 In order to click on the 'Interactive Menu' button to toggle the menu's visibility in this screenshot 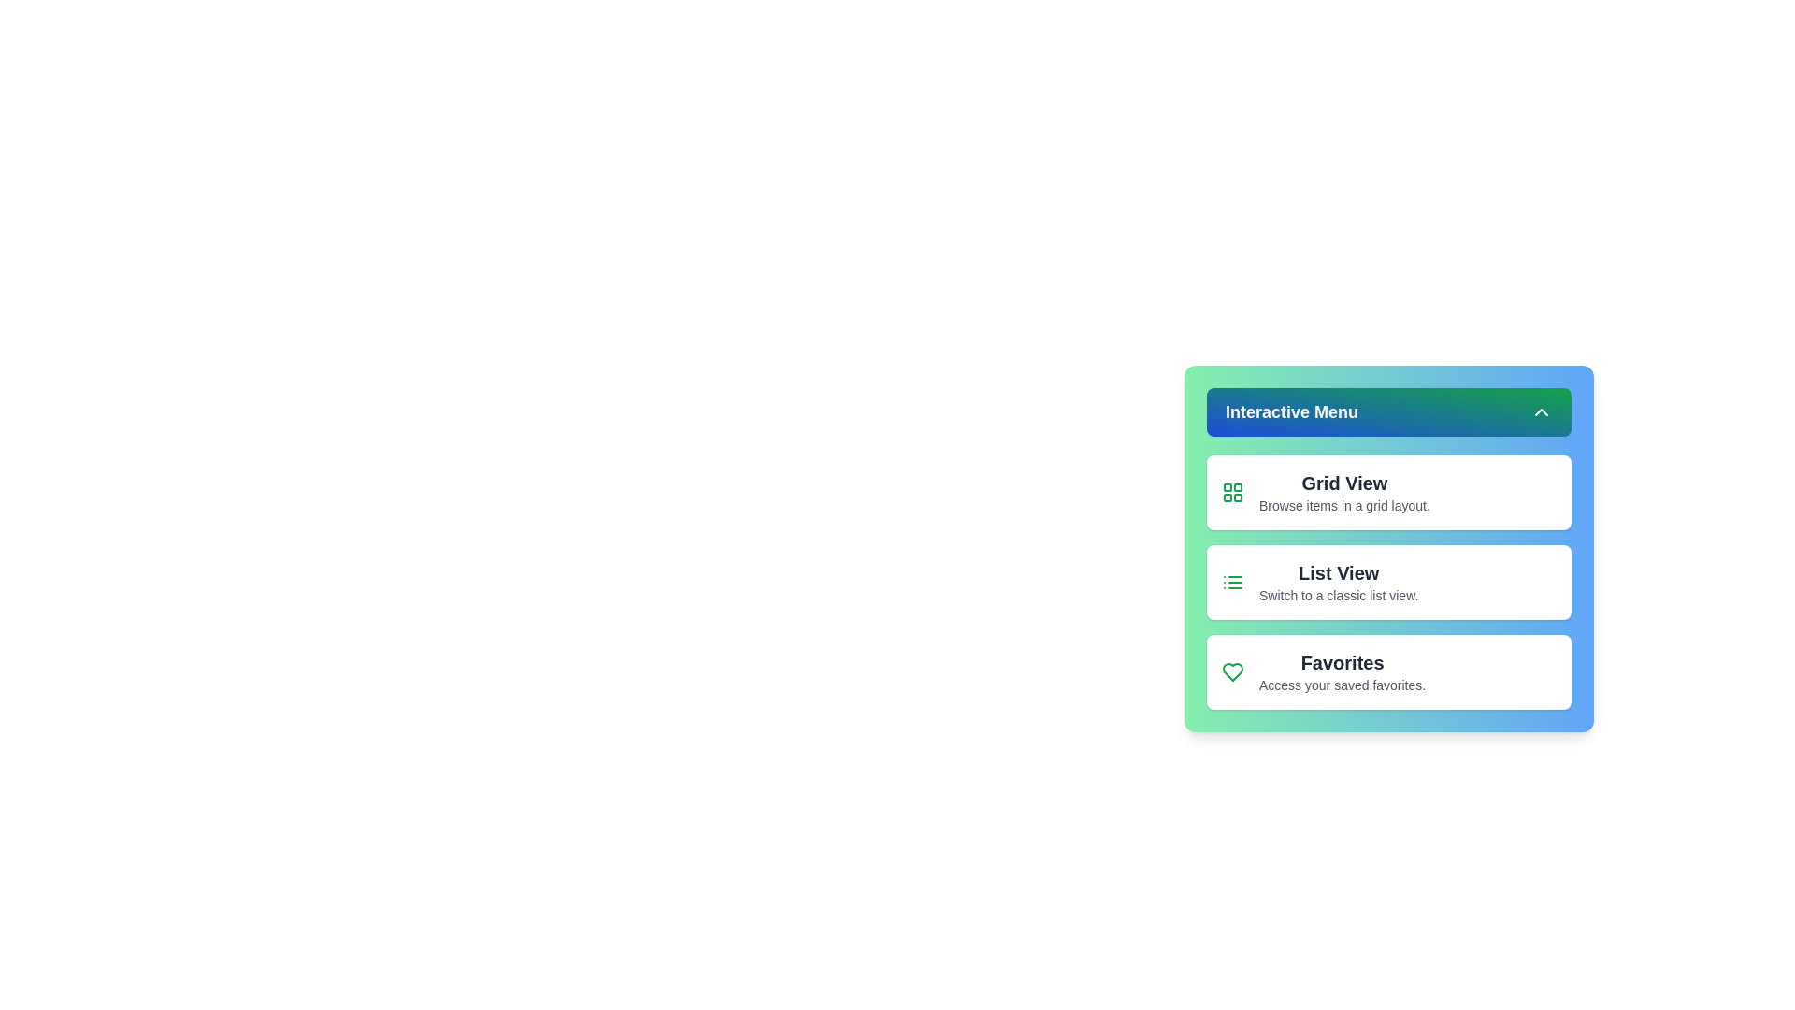, I will do `click(1389, 411)`.